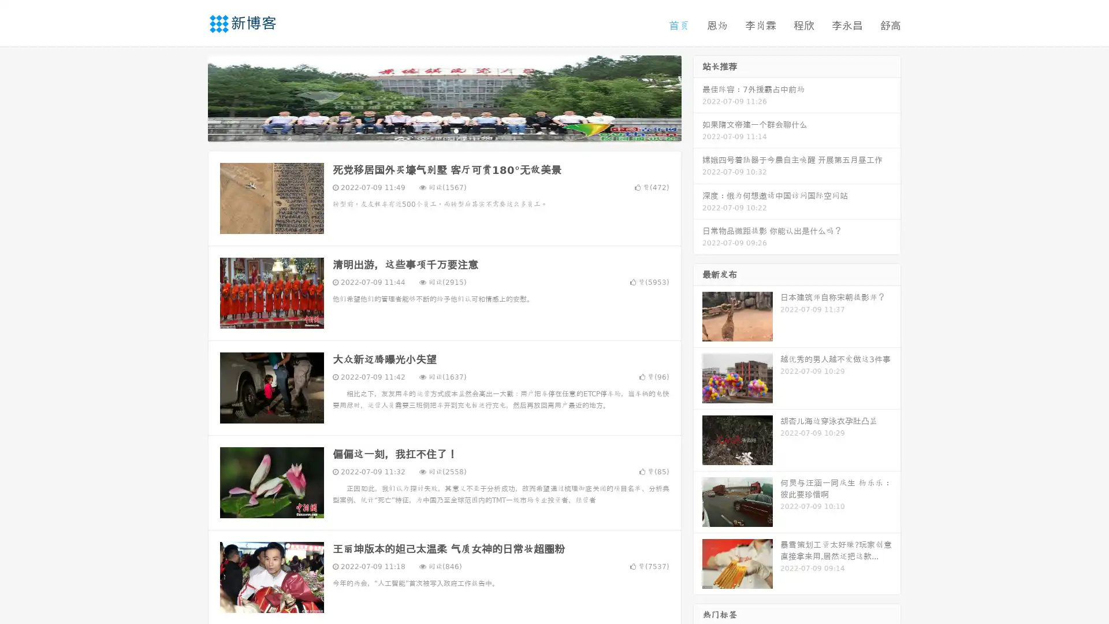 The height and width of the screenshot is (624, 1109). What do you see at coordinates (432, 130) in the screenshot?
I see `Go to slide 1` at bounding box center [432, 130].